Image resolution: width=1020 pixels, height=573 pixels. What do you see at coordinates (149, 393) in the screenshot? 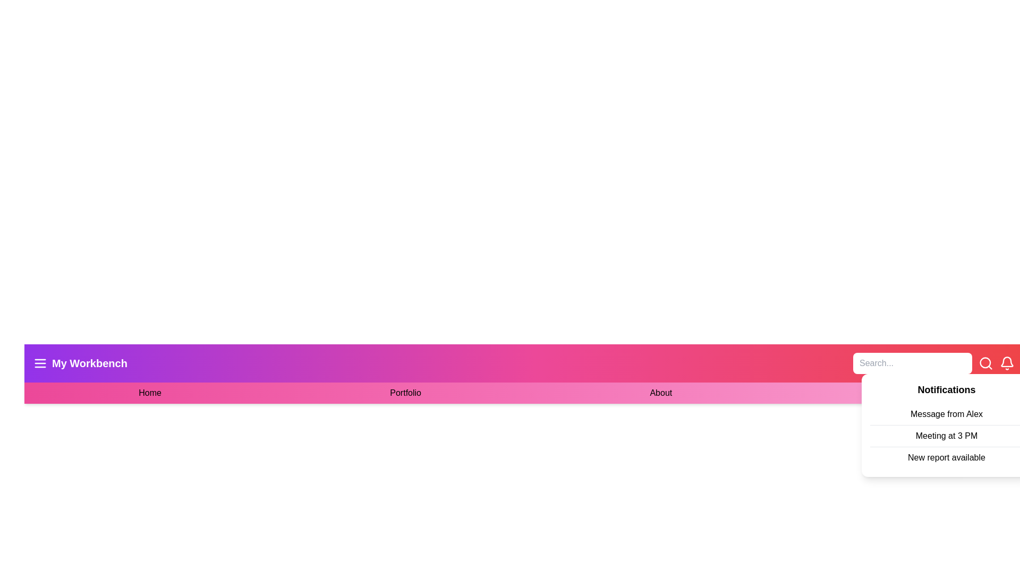
I see `the 'Home' text navigation link, which is the first link in the navigation bar and styled with a hover effect that underlines the text` at bounding box center [149, 393].